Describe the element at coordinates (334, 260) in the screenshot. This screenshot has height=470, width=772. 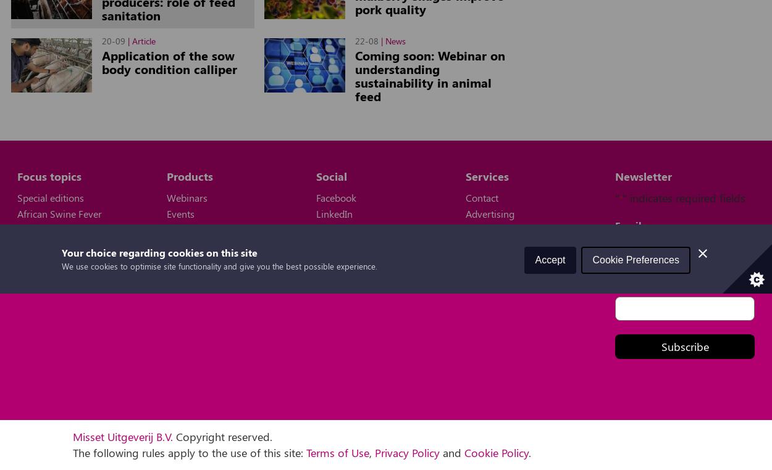
I see `'YouTube'` at that location.